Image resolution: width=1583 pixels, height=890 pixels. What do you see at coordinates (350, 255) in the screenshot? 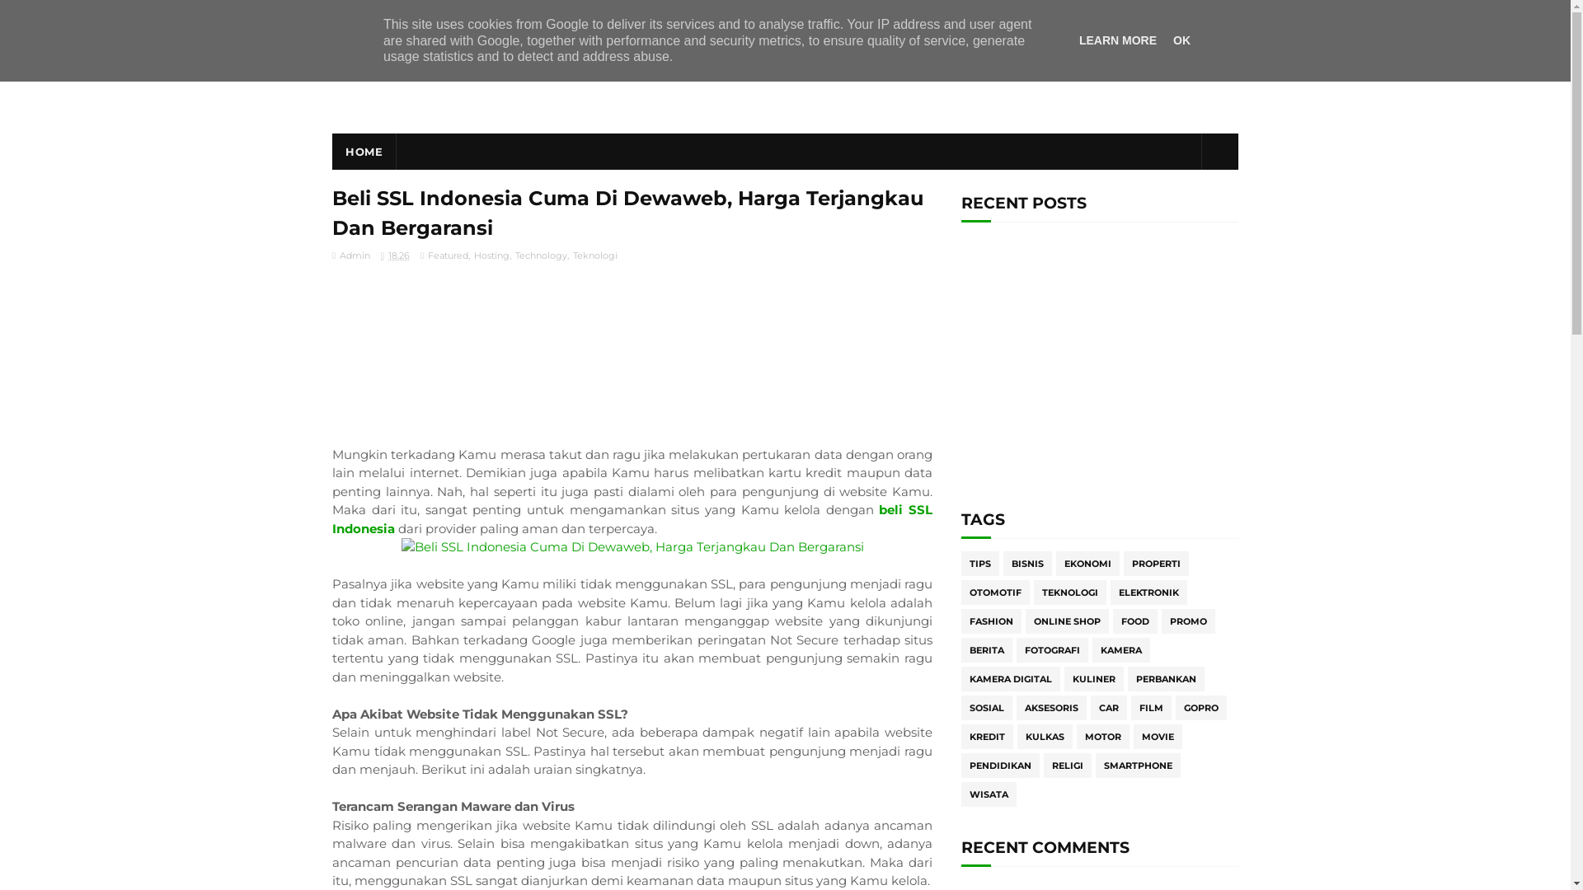
I see `'Admin'` at bounding box center [350, 255].